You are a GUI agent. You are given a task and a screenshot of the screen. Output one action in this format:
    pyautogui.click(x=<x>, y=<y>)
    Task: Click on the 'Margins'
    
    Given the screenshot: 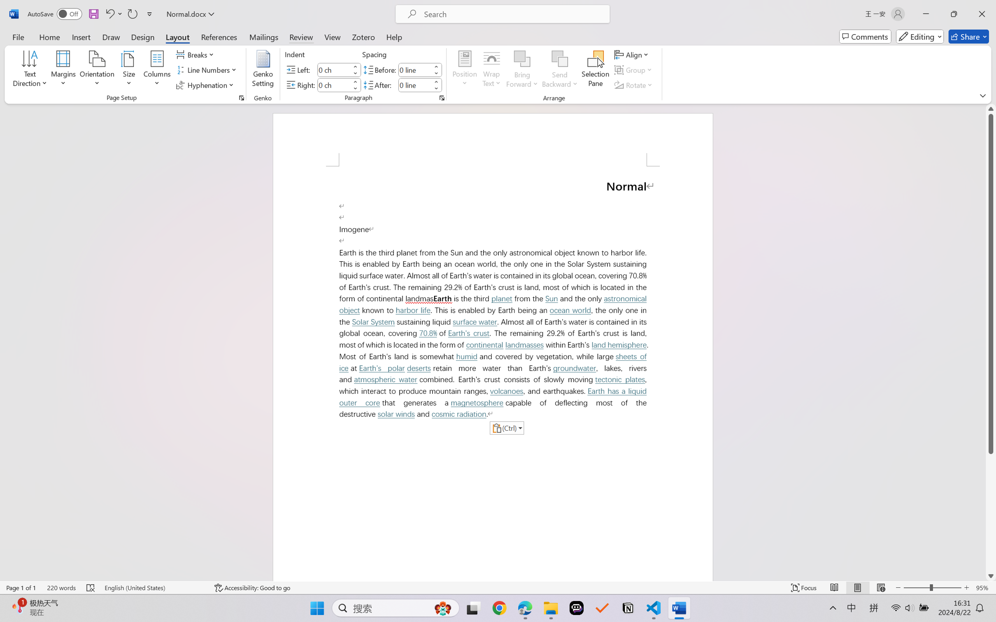 What is the action you would take?
    pyautogui.click(x=63, y=70)
    